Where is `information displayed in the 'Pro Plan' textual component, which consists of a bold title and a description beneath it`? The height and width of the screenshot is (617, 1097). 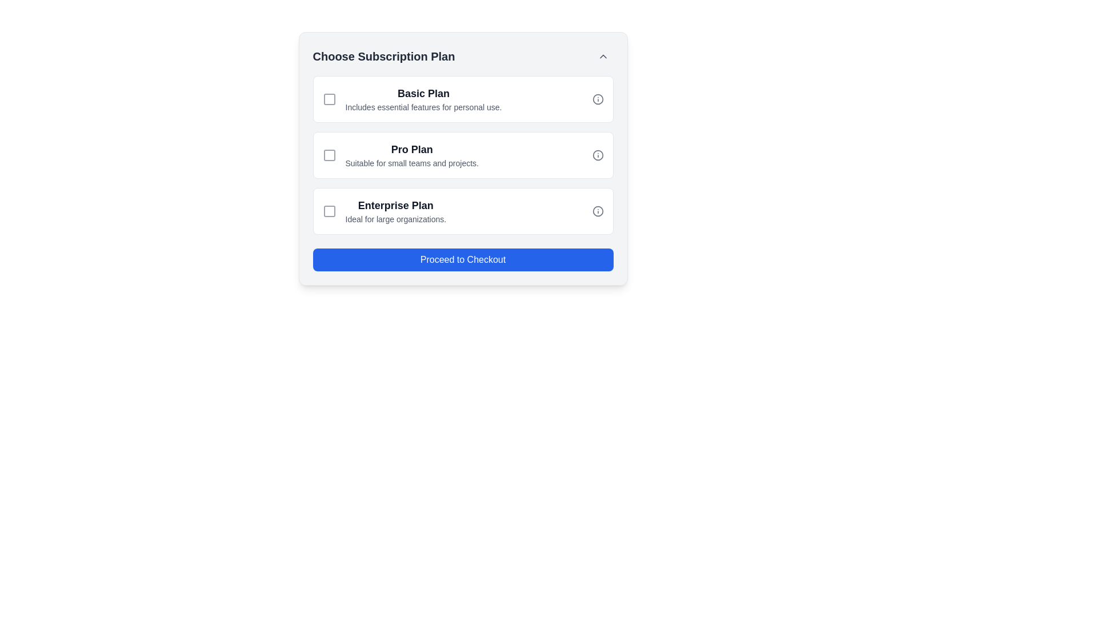
information displayed in the 'Pro Plan' textual component, which consists of a bold title and a description beneath it is located at coordinates (411, 155).